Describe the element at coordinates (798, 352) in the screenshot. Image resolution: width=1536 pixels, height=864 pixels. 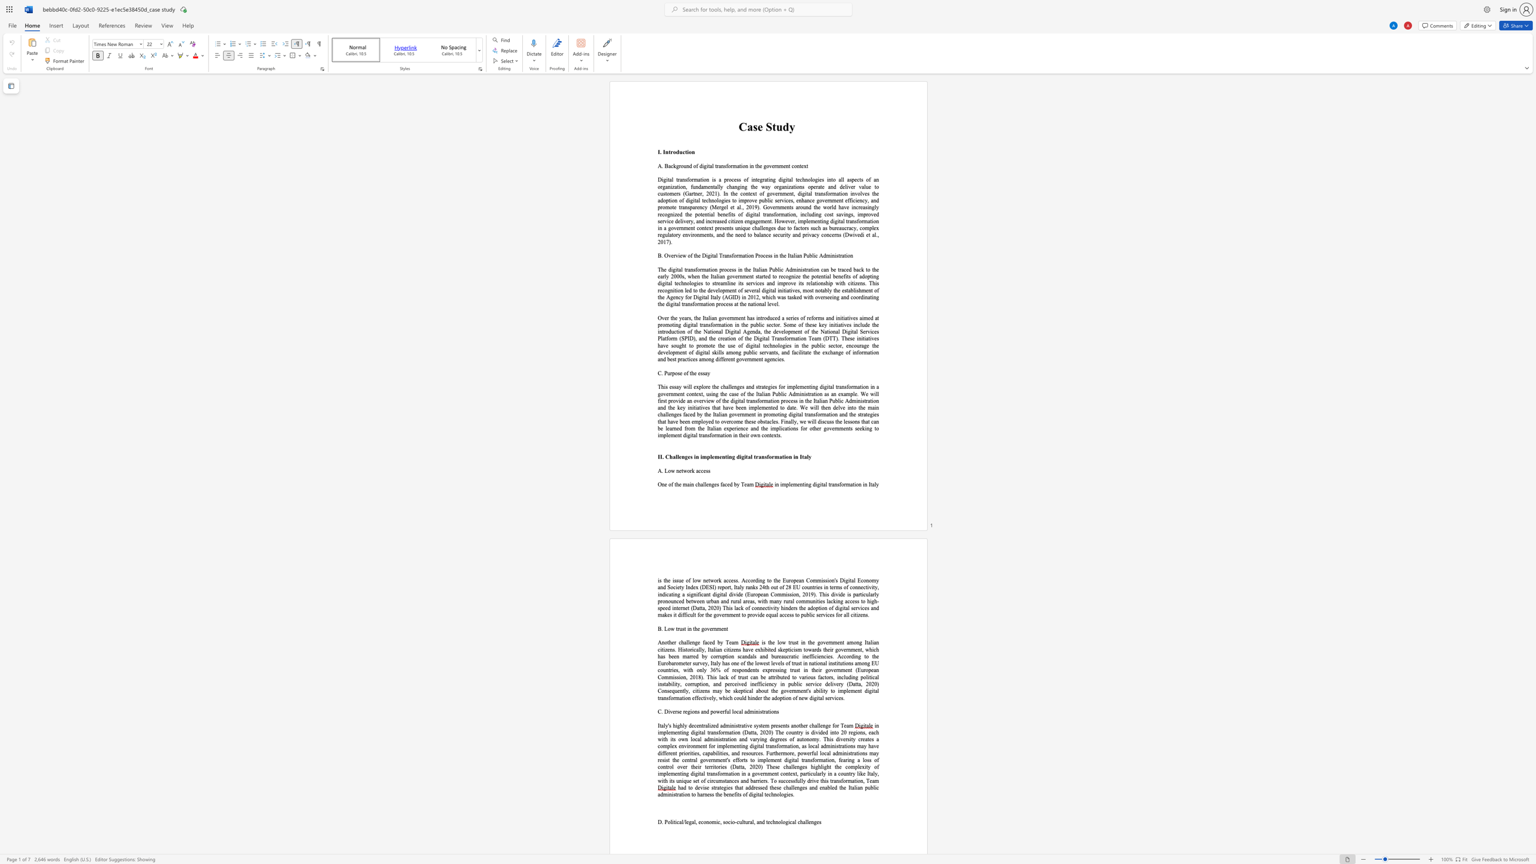
I see `the subset text "il" within the text "facilitate"` at that location.